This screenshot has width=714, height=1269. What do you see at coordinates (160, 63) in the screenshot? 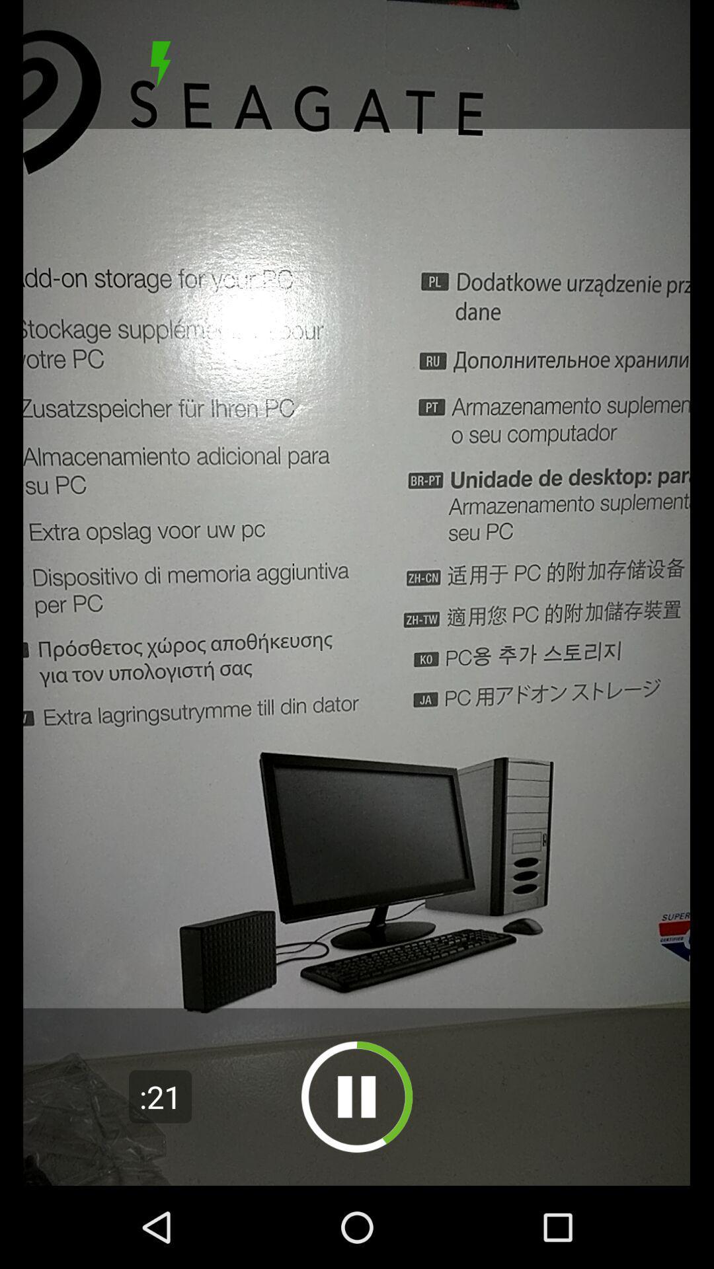
I see `camera flash` at bounding box center [160, 63].